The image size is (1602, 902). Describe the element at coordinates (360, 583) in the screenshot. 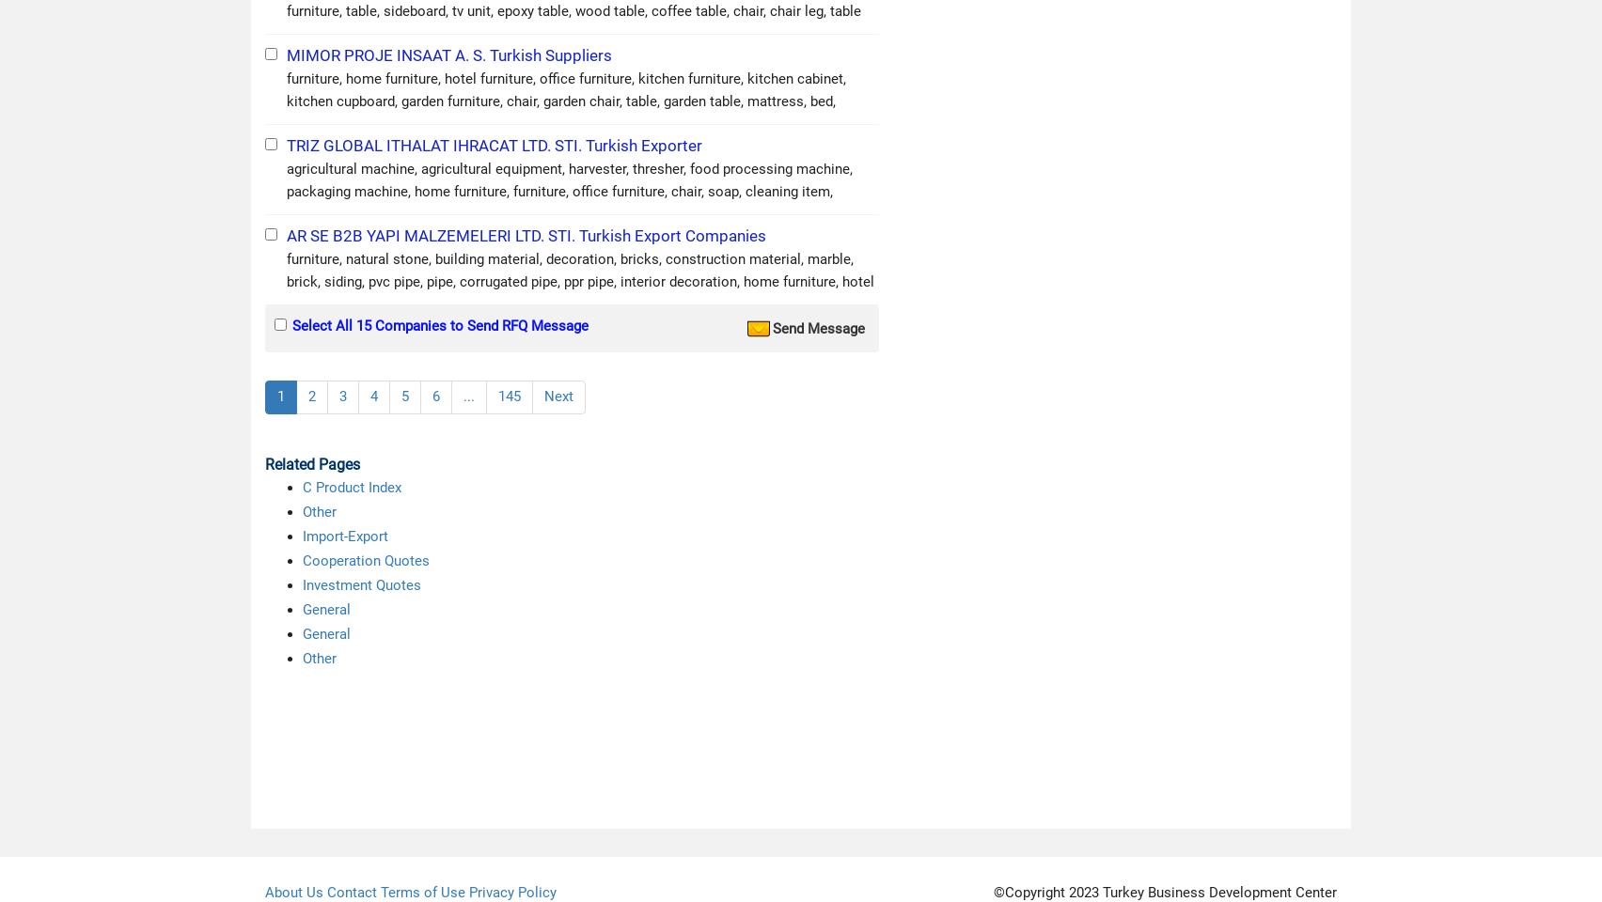

I see `'Investment Quotes'` at that location.